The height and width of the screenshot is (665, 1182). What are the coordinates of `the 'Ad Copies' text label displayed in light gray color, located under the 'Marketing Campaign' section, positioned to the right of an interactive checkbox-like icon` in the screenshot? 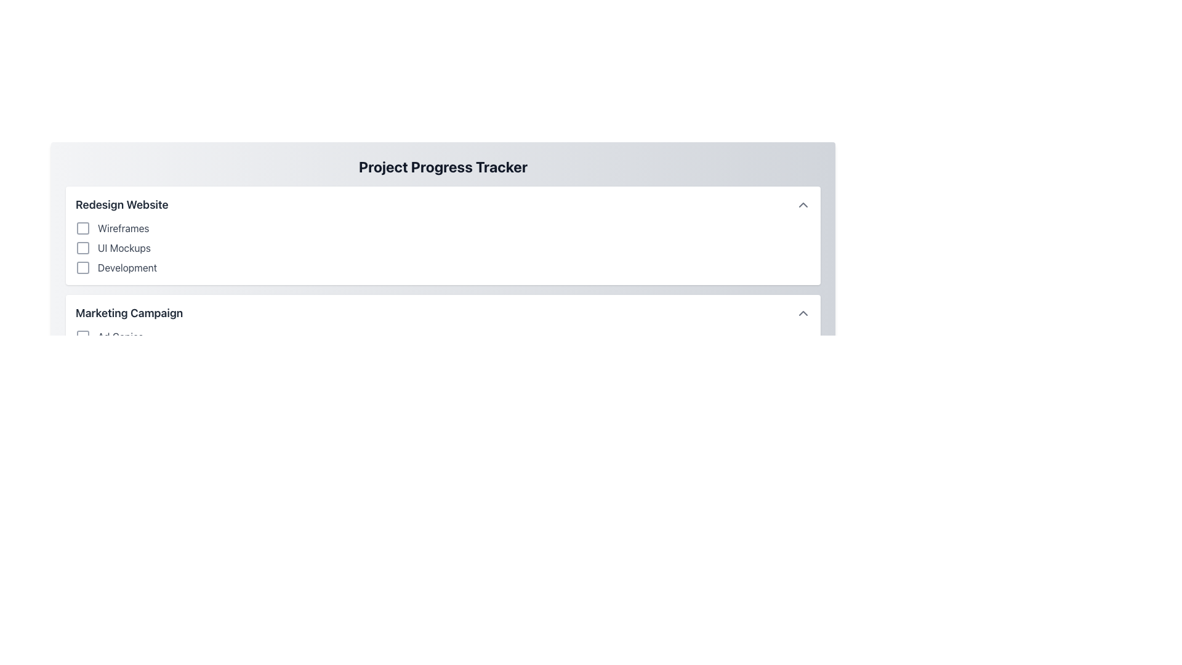 It's located at (121, 337).